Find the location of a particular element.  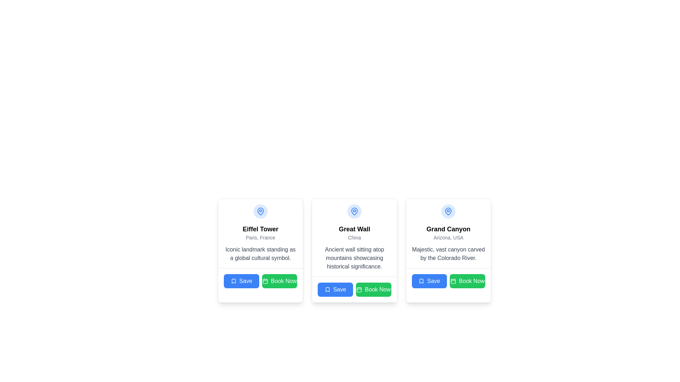

the 'Save' button in the Button Group located at the bottom of the 'Great Wall' card is located at coordinates (354, 289).